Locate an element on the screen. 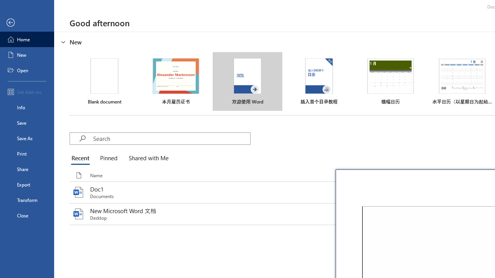  'New' is located at coordinates (27, 54).